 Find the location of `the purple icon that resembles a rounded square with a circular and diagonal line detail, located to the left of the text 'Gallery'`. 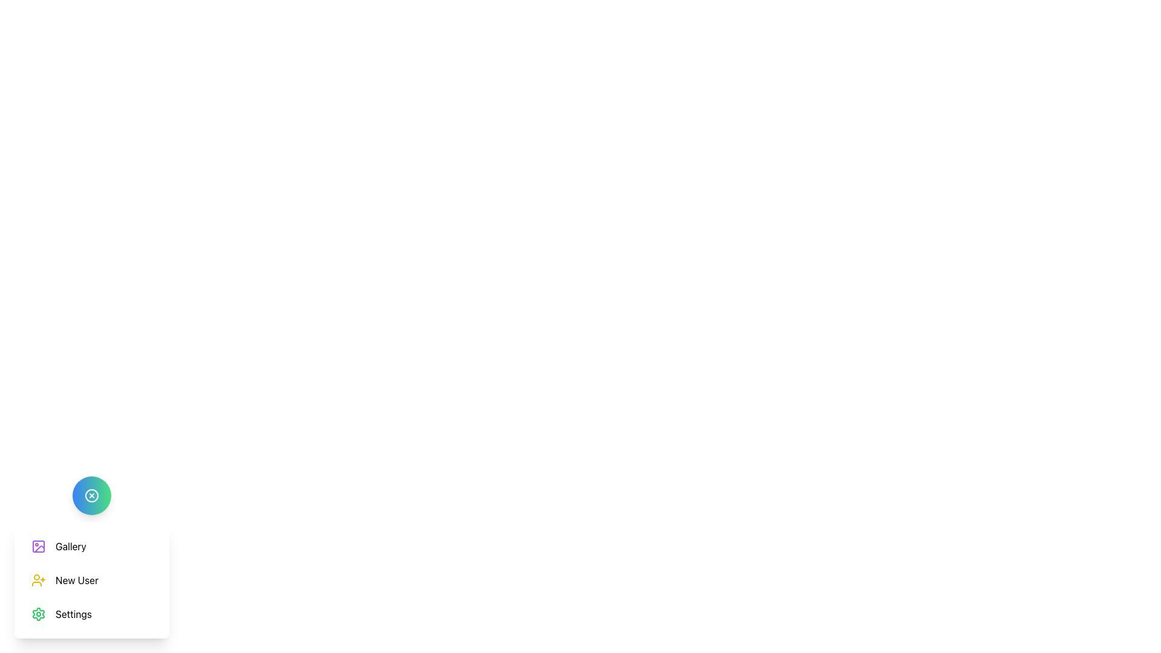

the purple icon that resembles a rounded square with a circular and diagonal line detail, located to the left of the text 'Gallery' is located at coordinates (38, 546).